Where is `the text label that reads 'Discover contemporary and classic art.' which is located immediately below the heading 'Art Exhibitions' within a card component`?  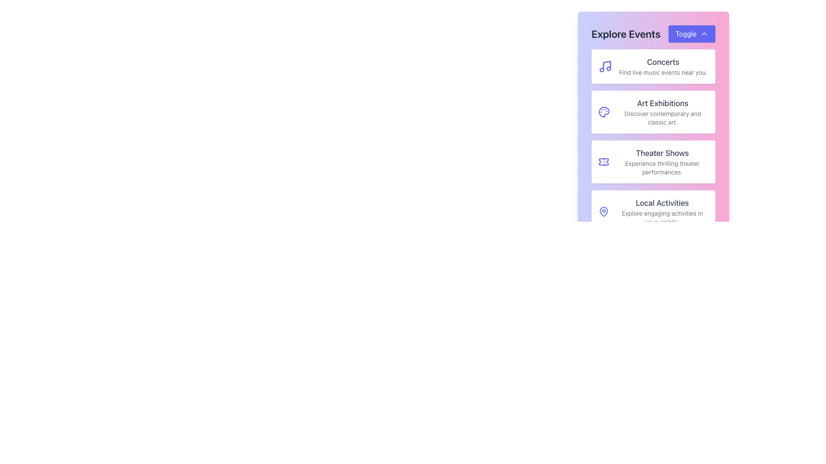 the text label that reads 'Discover contemporary and classic art.' which is located immediately below the heading 'Art Exhibitions' within a card component is located at coordinates (662, 118).